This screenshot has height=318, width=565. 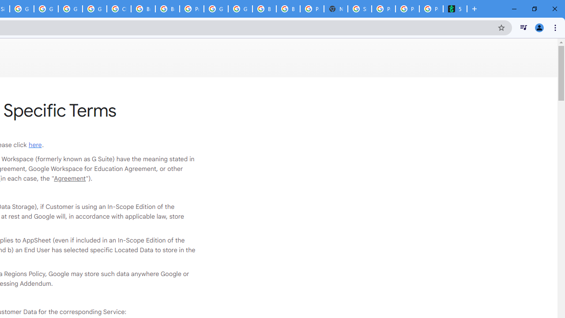 I want to click on 'Browse Chrome as a guest - Computer - Google Chrome Help', so click(x=167, y=9).